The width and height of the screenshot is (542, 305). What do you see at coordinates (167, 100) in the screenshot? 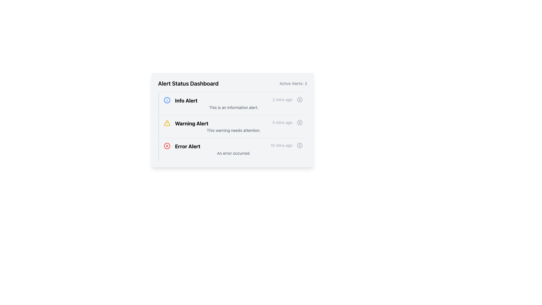
I see `the informational icon to the left of the 'Info Alert' text, which indicates the type of alert displayed` at bounding box center [167, 100].